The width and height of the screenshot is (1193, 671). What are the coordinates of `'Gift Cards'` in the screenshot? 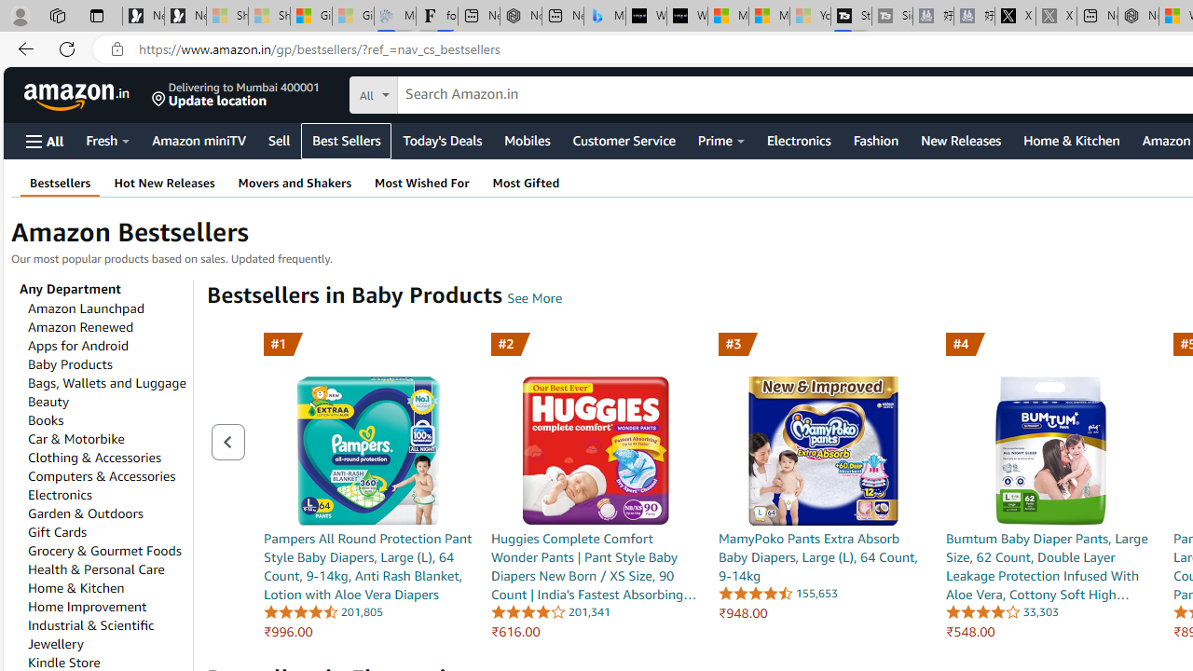 It's located at (57, 532).